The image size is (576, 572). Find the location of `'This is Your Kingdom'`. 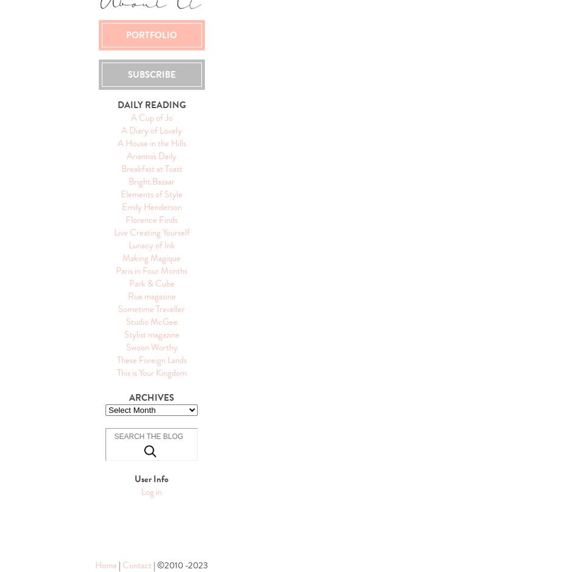

'This is Your Kingdom' is located at coordinates (150, 372).